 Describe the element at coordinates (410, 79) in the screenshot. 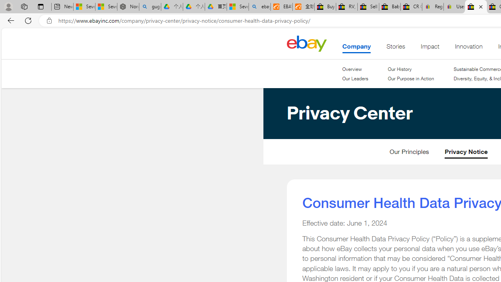

I see `'Our Purpose in Action'` at that location.